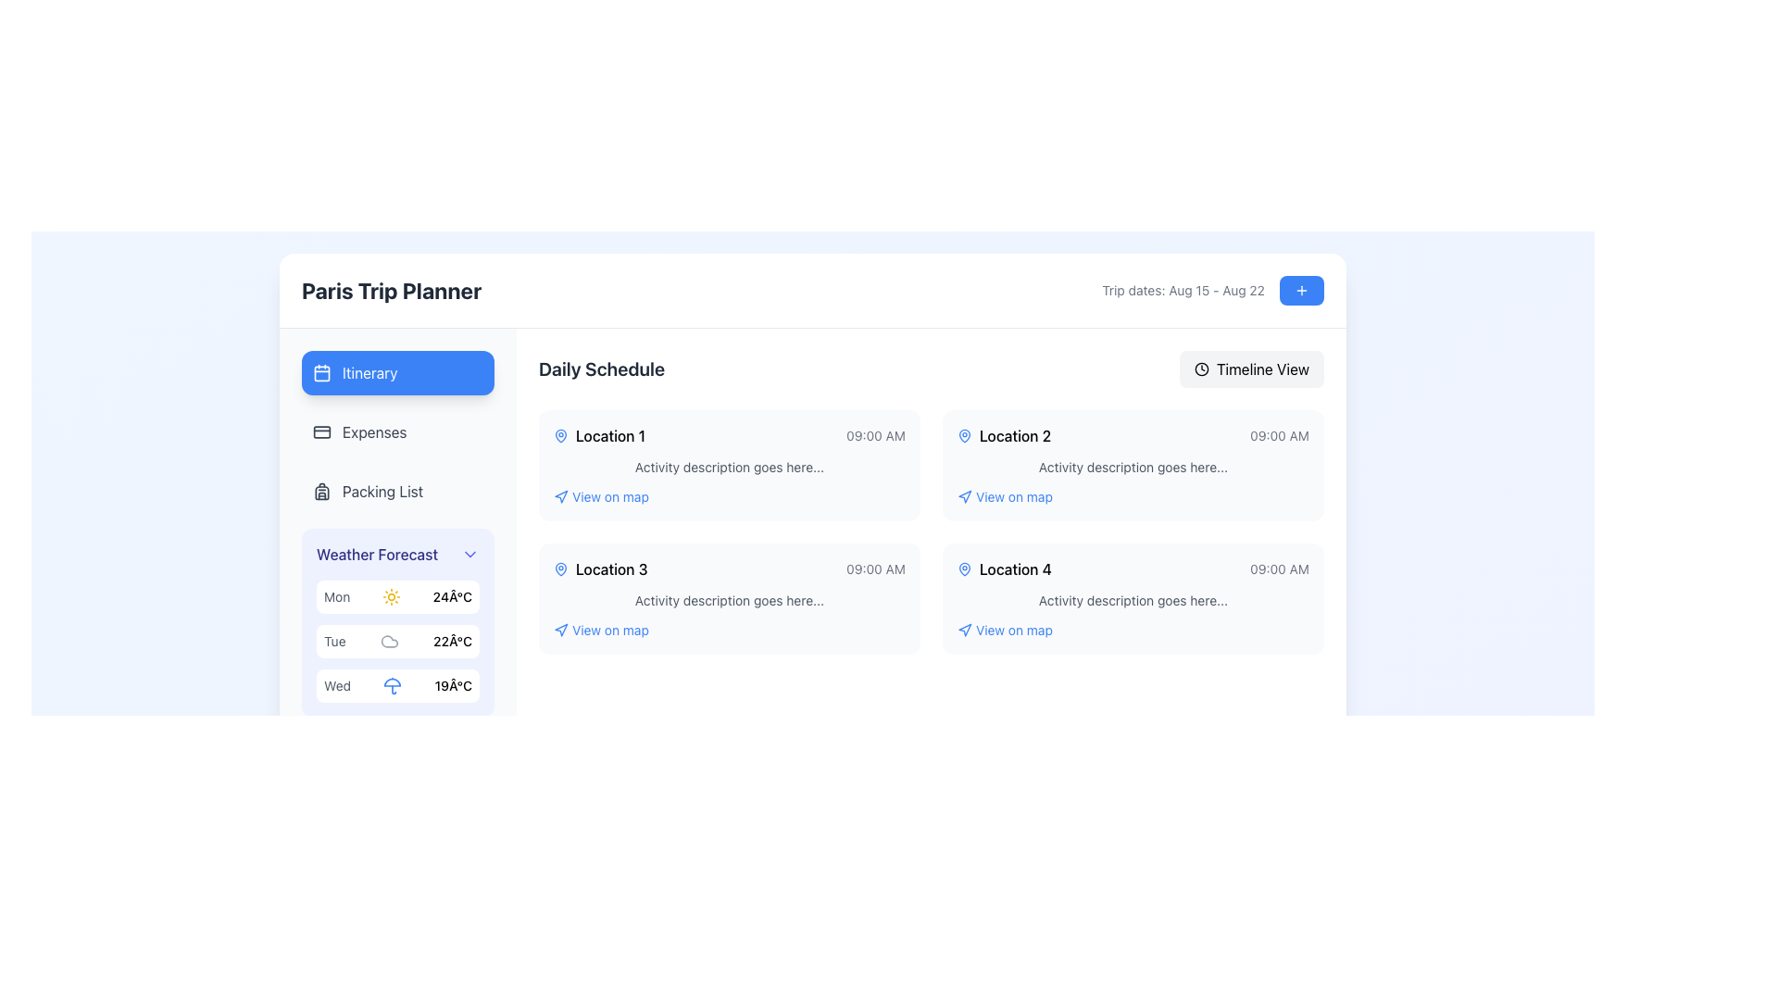 The height and width of the screenshot is (1000, 1778). What do you see at coordinates (963, 630) in the screenshot?
I see `the navigation icon located to the left of the 'View on map' label in the 'Location 4' block of the Daily Schedule section` at bounding box center [963, 630].